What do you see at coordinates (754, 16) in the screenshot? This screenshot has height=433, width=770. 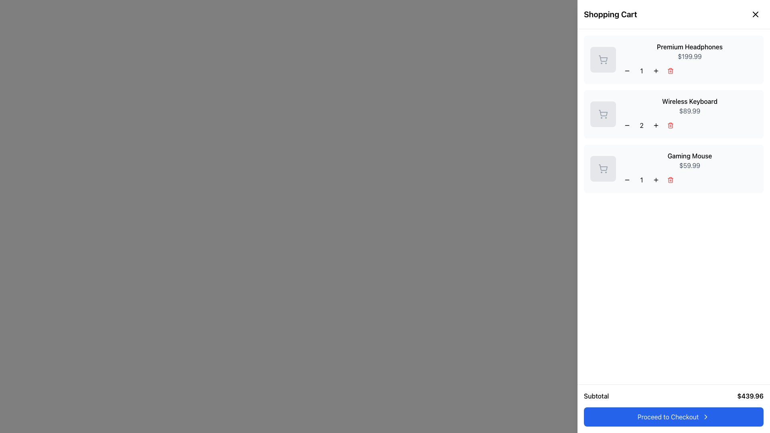 I see `the shopping cart icon embedded in the blue circular button located at the top-right corner of the user interface` at bounding box center [754, 16].